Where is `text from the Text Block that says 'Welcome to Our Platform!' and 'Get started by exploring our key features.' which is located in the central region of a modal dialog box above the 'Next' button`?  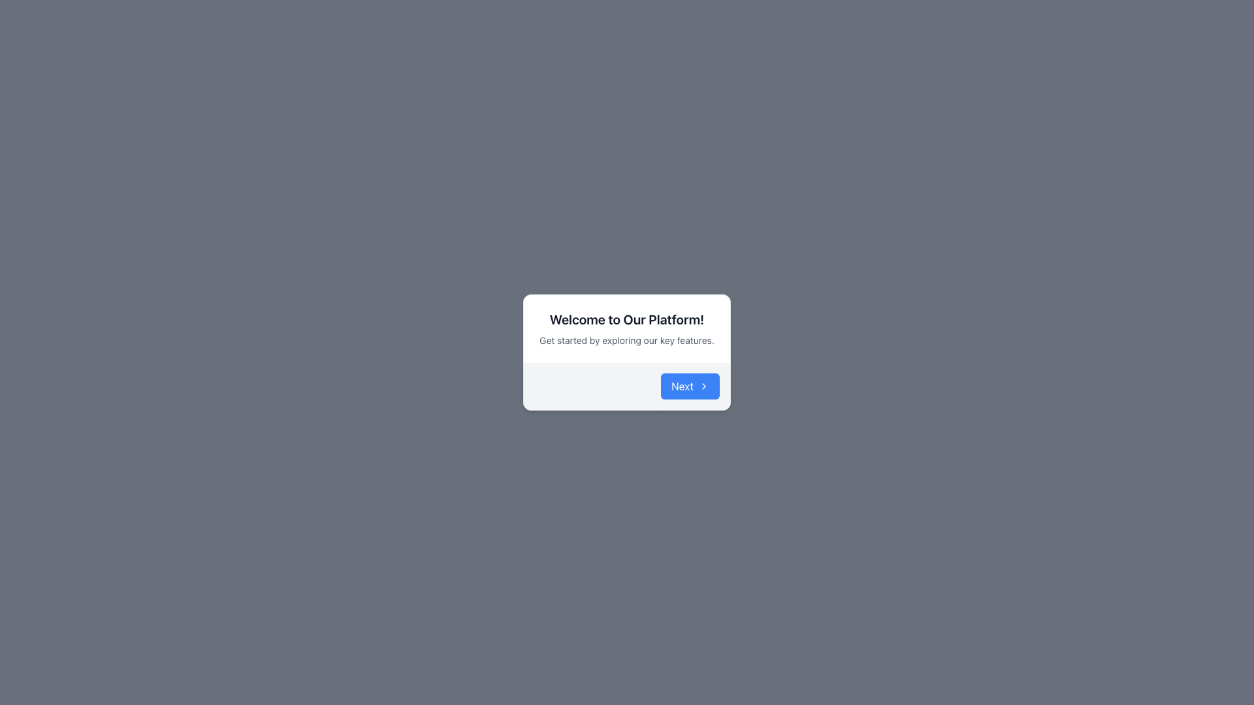
text from the Text Block that says 'Welcome to Our Platform!' and 'Get started by exploring our key features.' which is located in the central region of a modal dialog box above the 'Next' button is located at coordinates (627, 328).